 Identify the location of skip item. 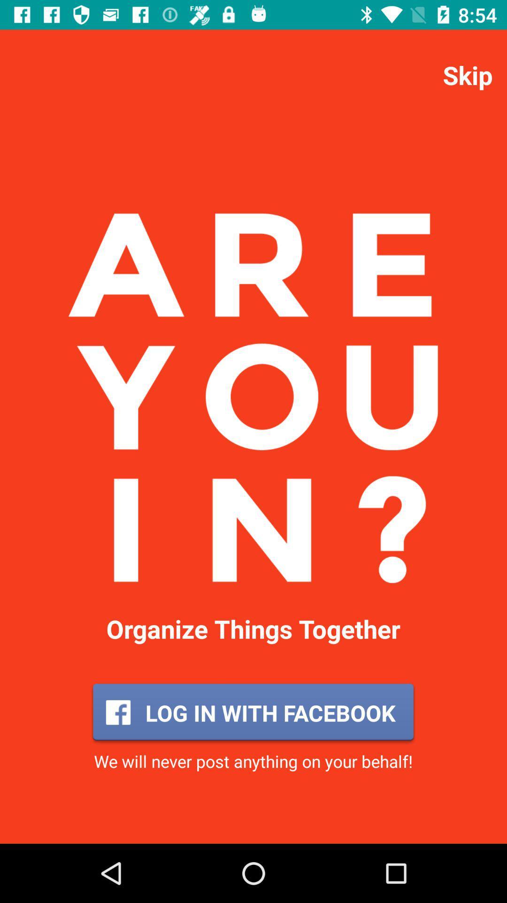
(468, 74).